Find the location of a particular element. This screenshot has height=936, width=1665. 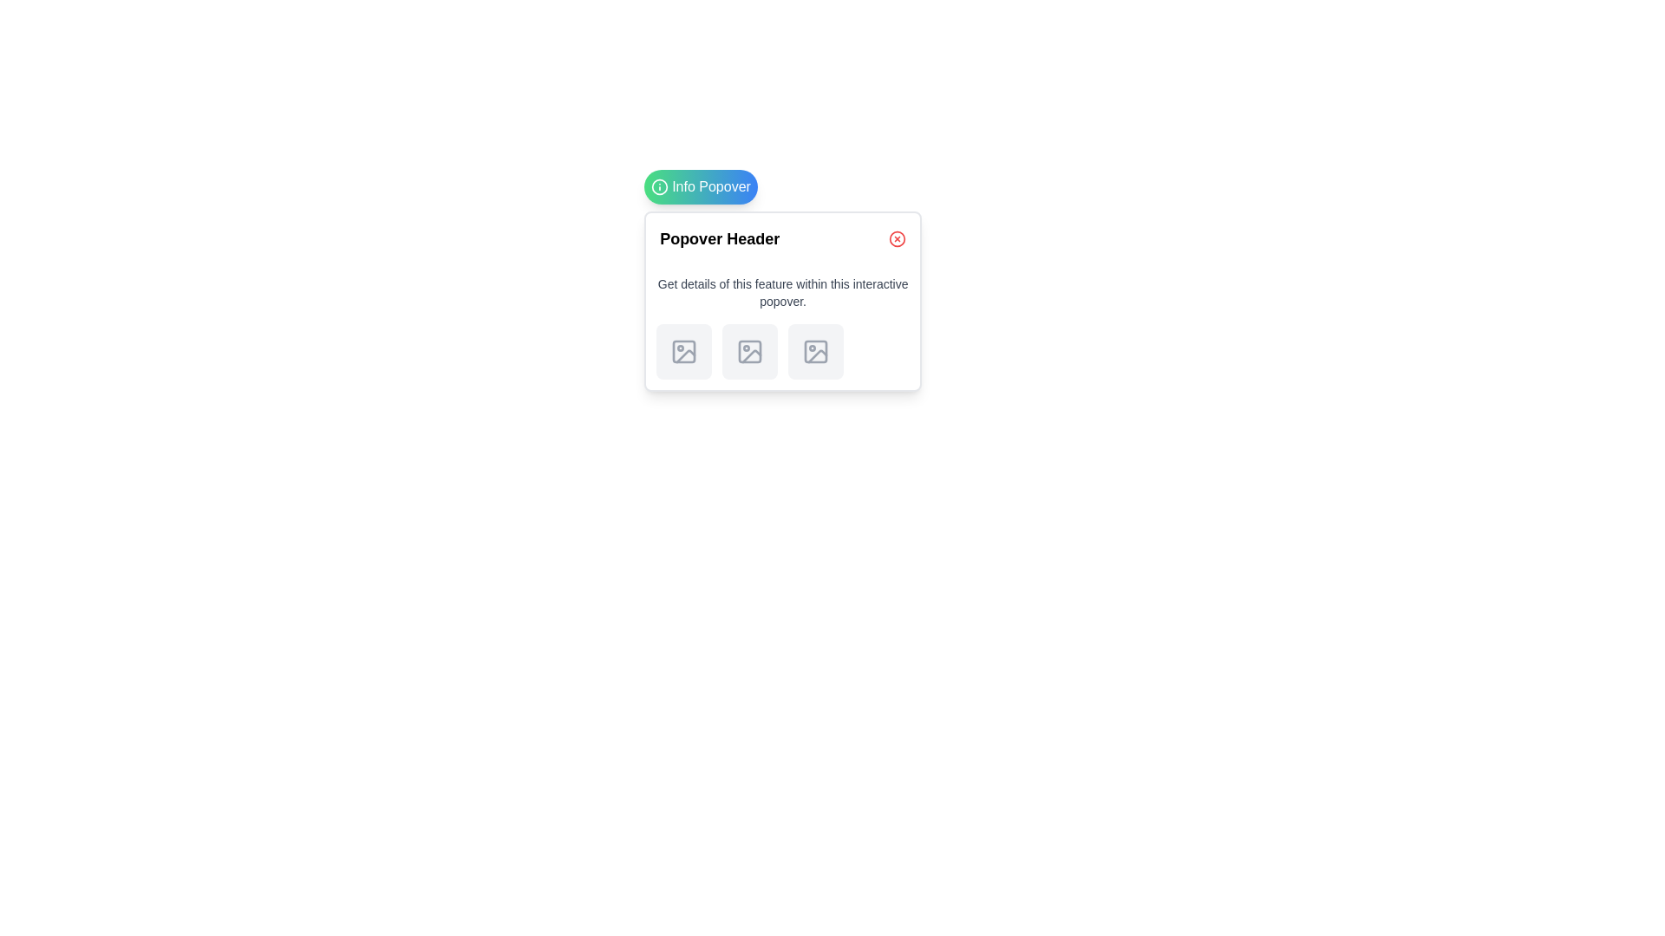

the first Icon button with a light gray background and a simplistic image icon inside the popover dialog box under 'Popover Header' is located at coordinates (683, 351).